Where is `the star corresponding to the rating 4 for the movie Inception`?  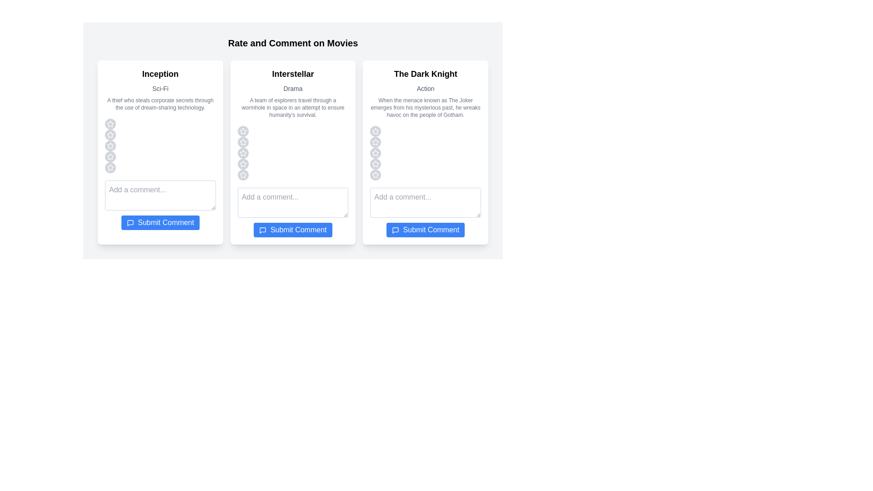
the star corresponding to the rating 4 for the movie Inception is located at coordinates (110, 156).